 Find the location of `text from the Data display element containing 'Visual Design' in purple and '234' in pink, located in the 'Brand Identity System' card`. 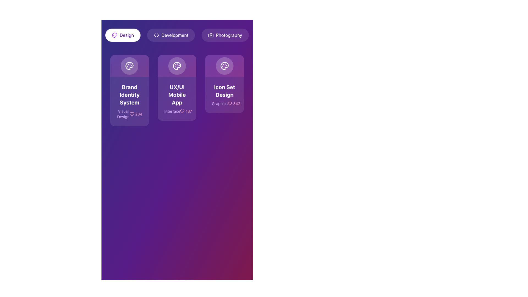

text from the Data display element containing 'Visual Design' in purple and '234' in pink, located in the 'Brand Identity System' card is located at coordinates (129, 114).